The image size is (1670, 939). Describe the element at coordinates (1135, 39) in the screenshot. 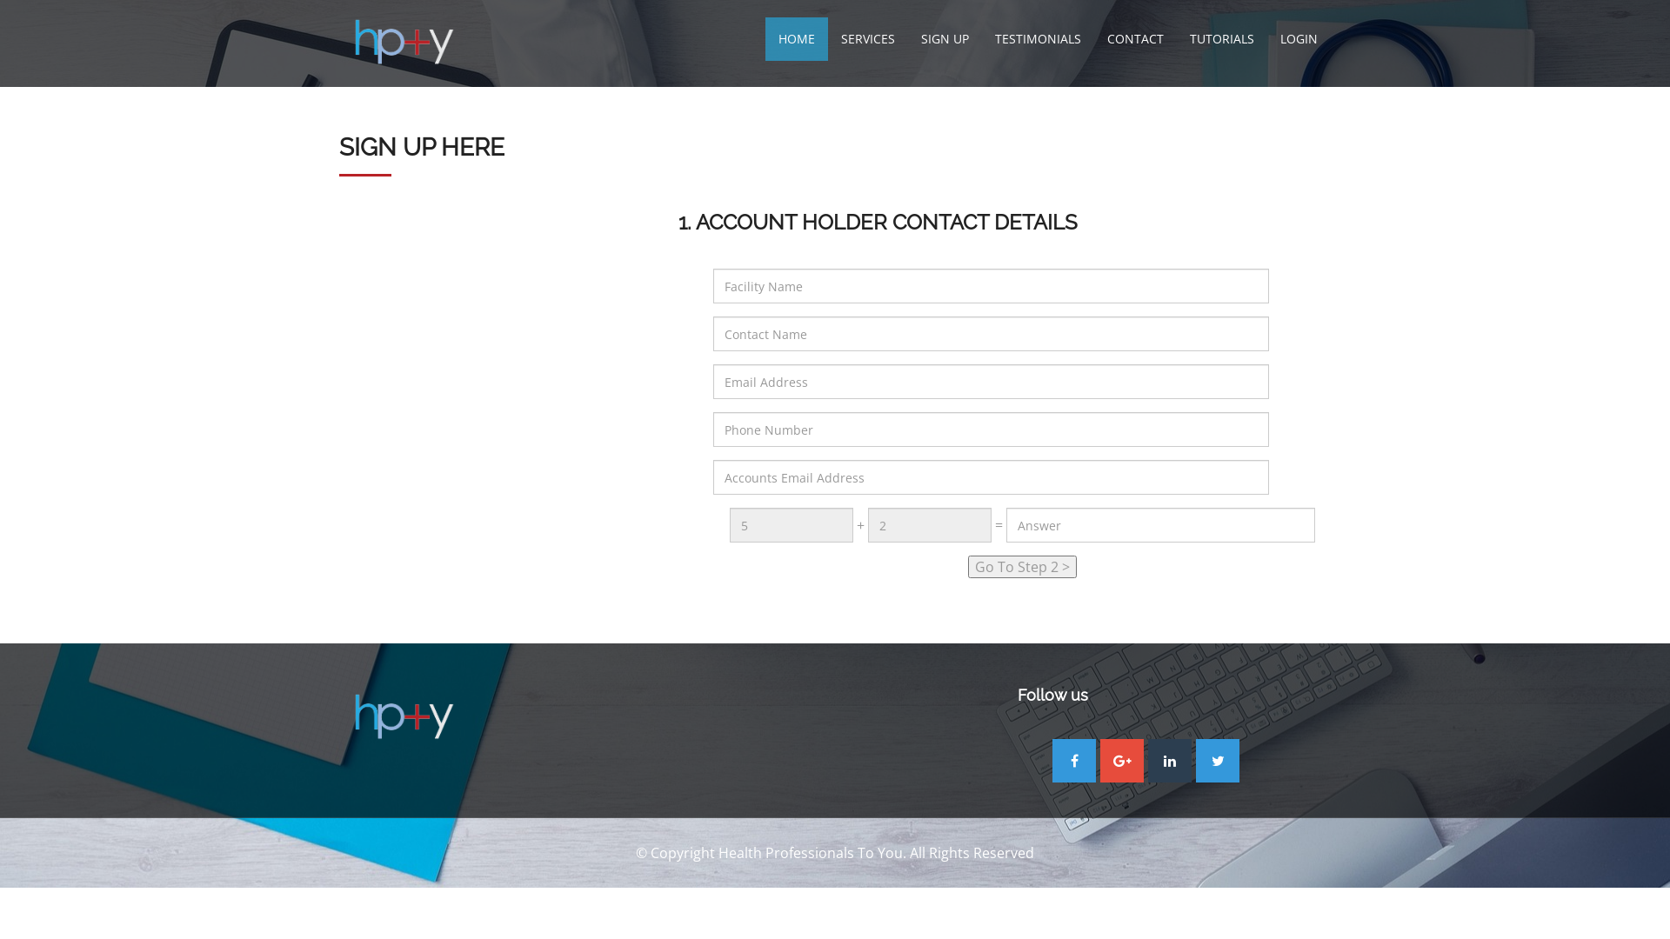

I see `'CONTACT'` at that location.